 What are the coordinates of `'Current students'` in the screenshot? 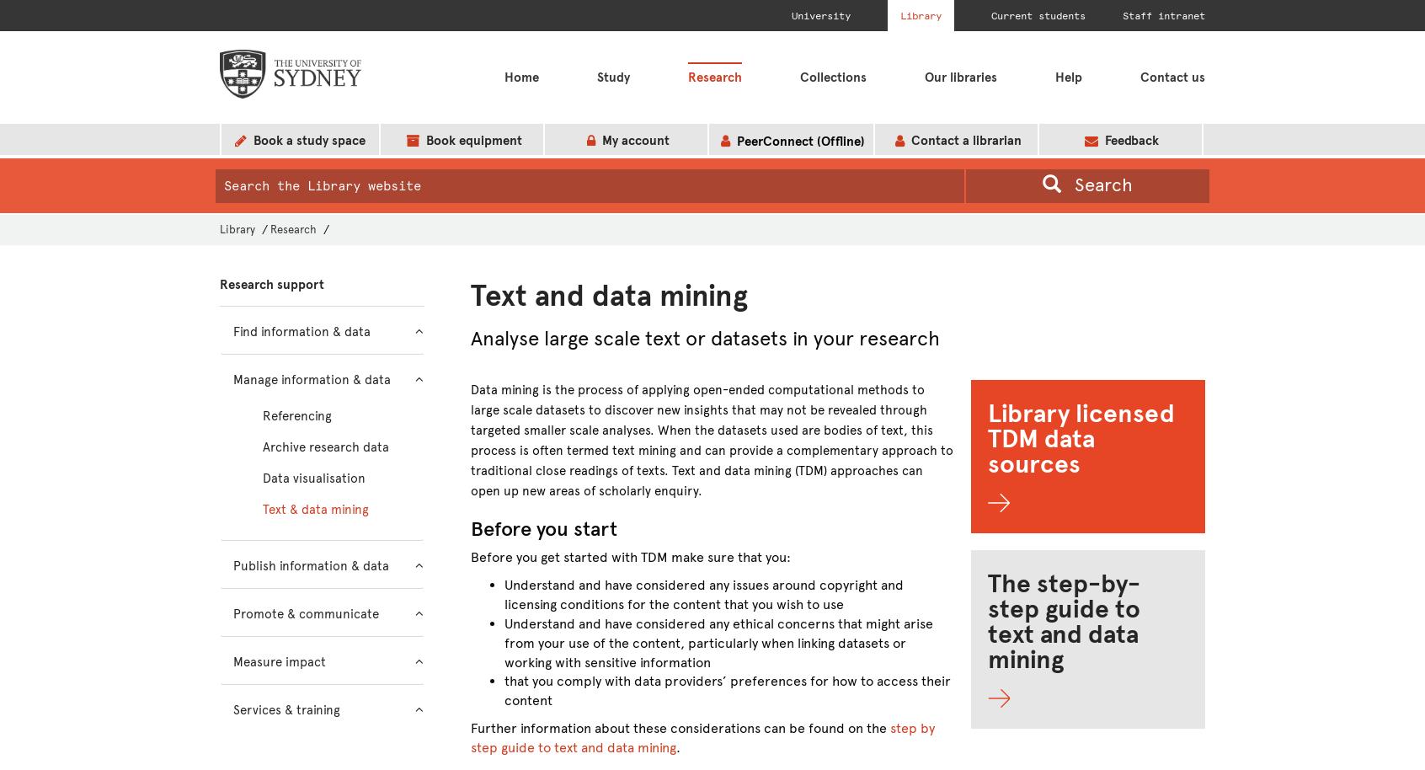 It's located at (1038, 16).